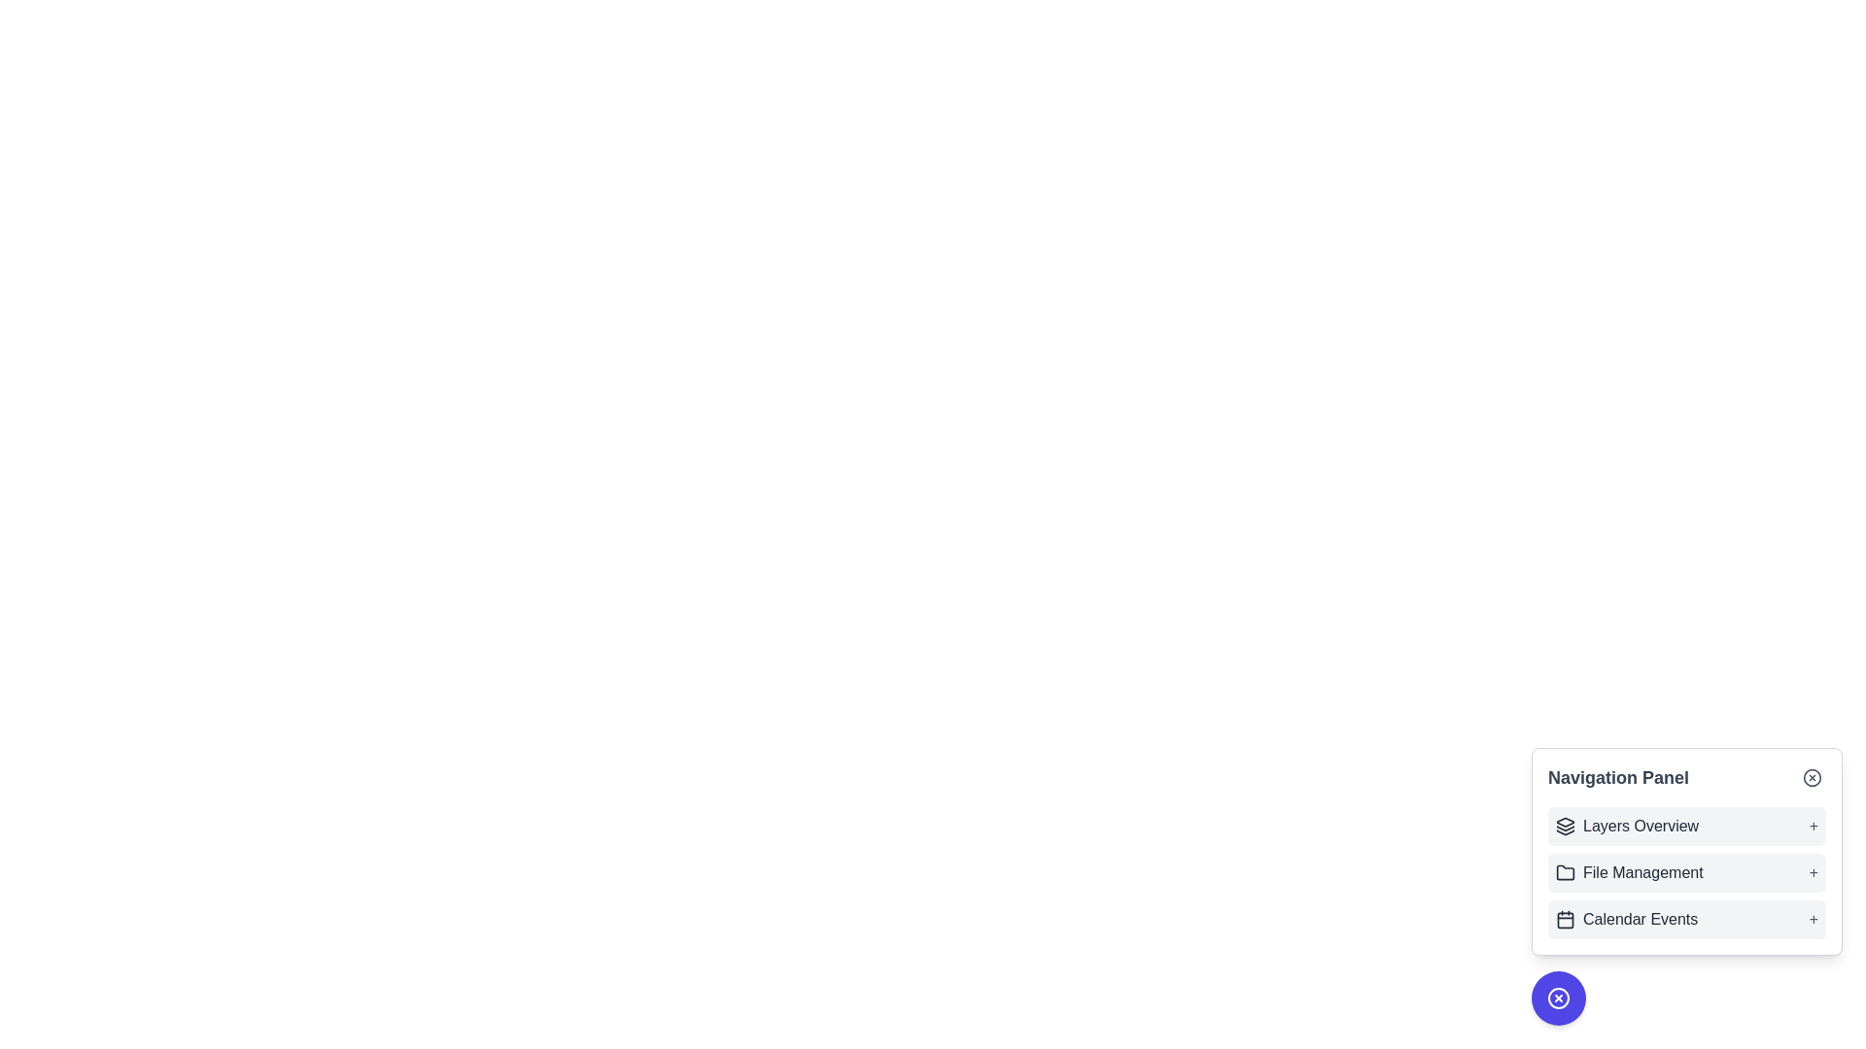  I want to click on the 'Calendar Events' list item in the navigation panel, so click(1686, 919).